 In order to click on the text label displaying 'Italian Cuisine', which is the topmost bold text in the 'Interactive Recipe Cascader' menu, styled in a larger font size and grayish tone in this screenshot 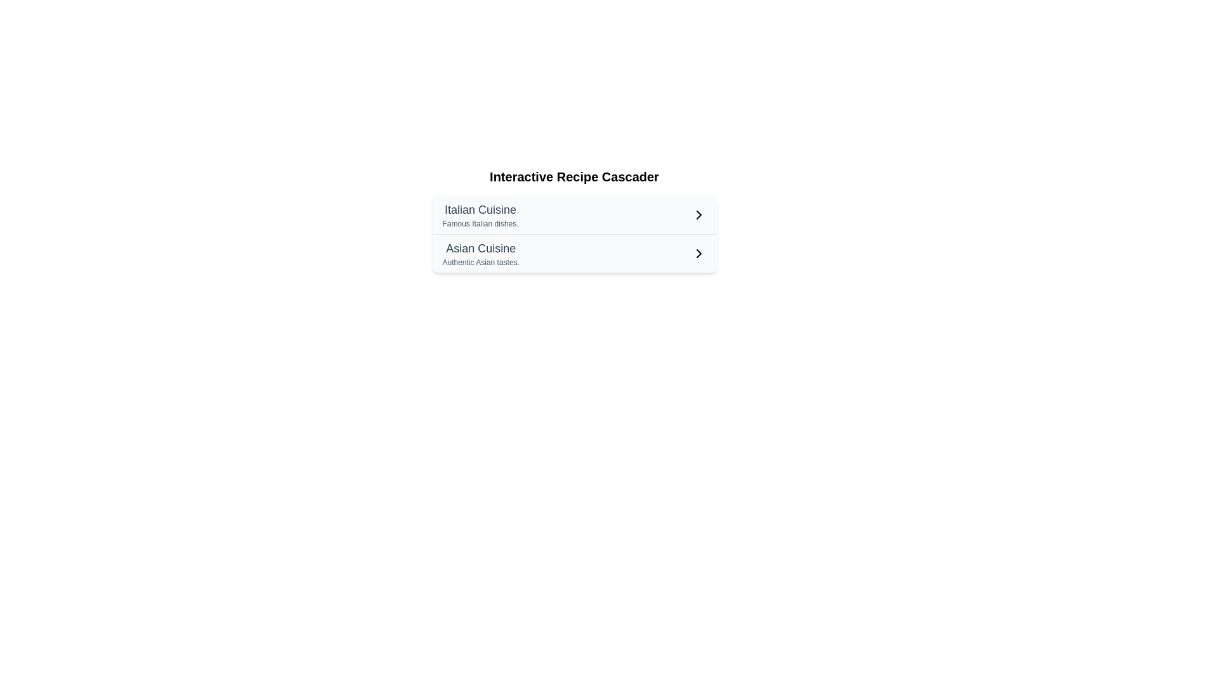, I will do `click(480, 209)`.